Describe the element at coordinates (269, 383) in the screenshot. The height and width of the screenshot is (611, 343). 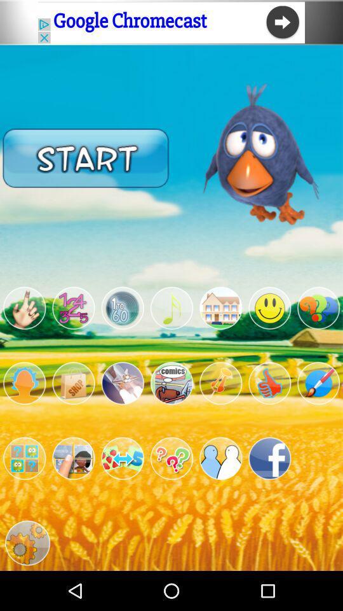
I see `switch to like option` at that location.